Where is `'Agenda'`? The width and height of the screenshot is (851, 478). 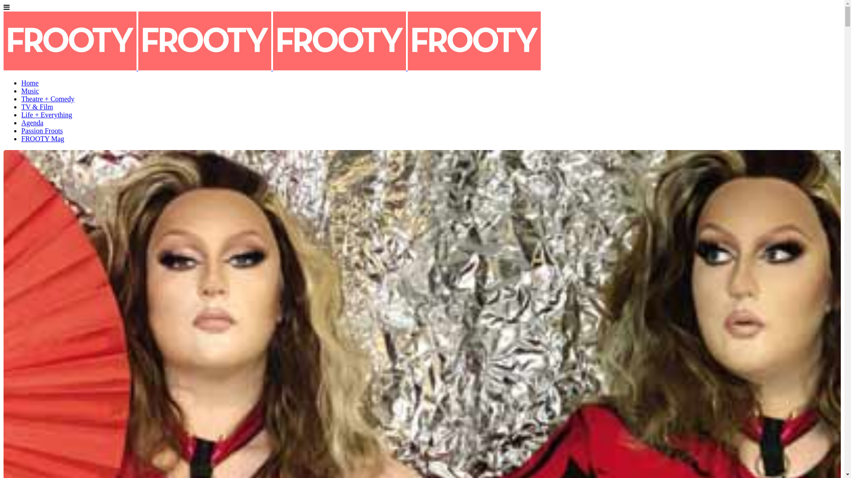
'Agenda' is located at coordinates (21, 123).